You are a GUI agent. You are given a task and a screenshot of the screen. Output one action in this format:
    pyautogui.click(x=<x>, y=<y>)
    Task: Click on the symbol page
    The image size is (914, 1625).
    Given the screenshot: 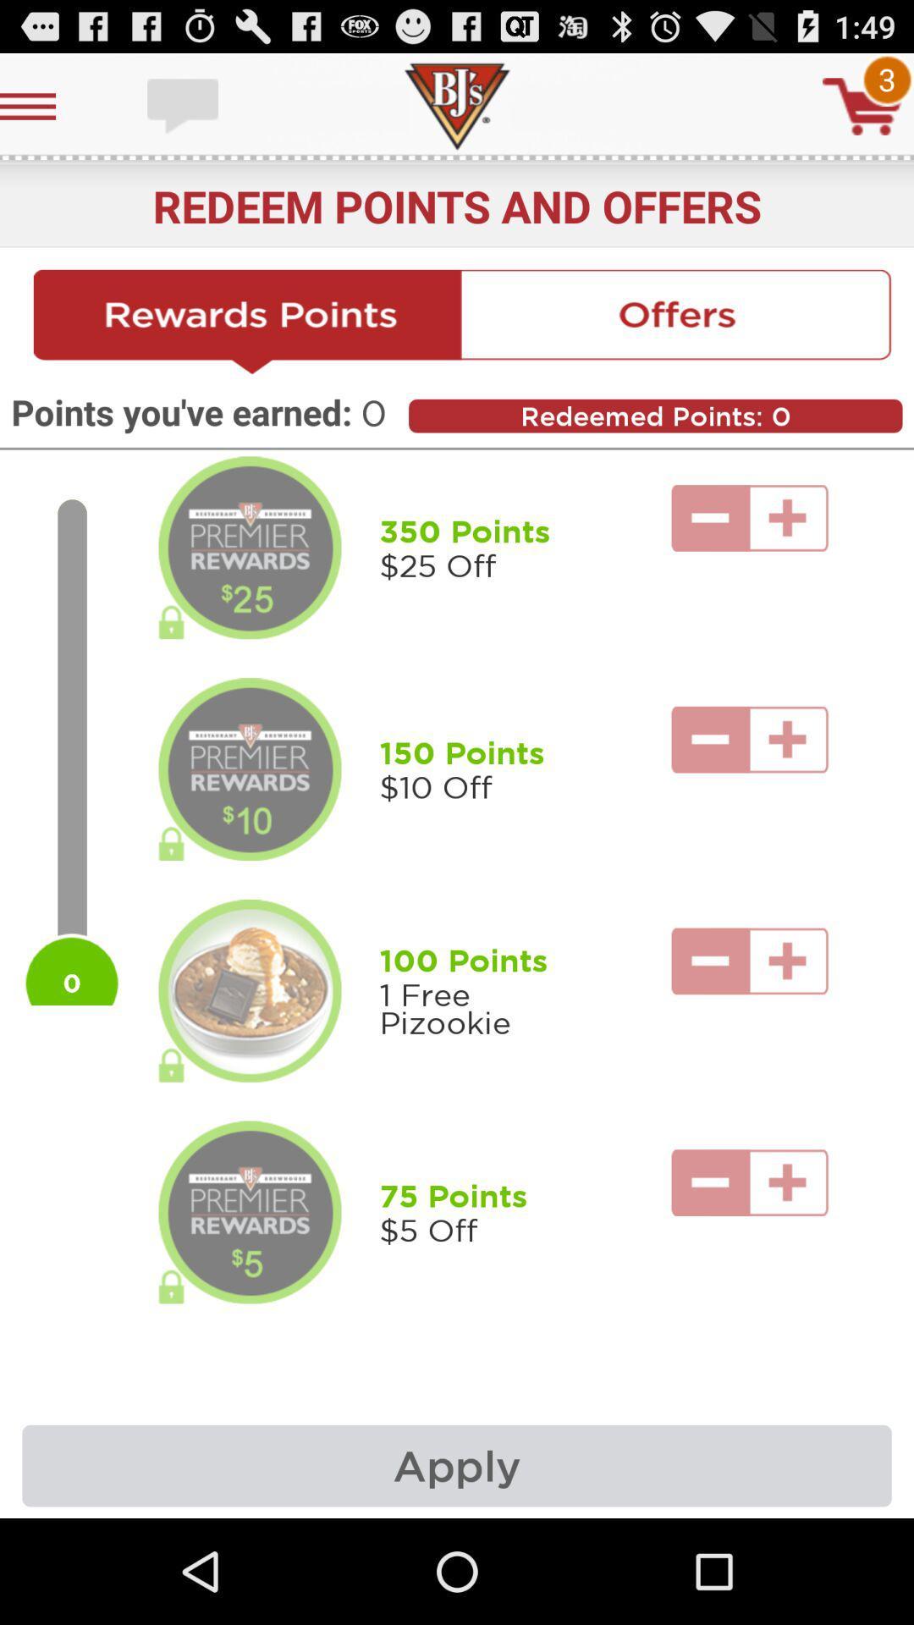 What is the action you would take?
    pyautogui.click(x=862, y=105)
    